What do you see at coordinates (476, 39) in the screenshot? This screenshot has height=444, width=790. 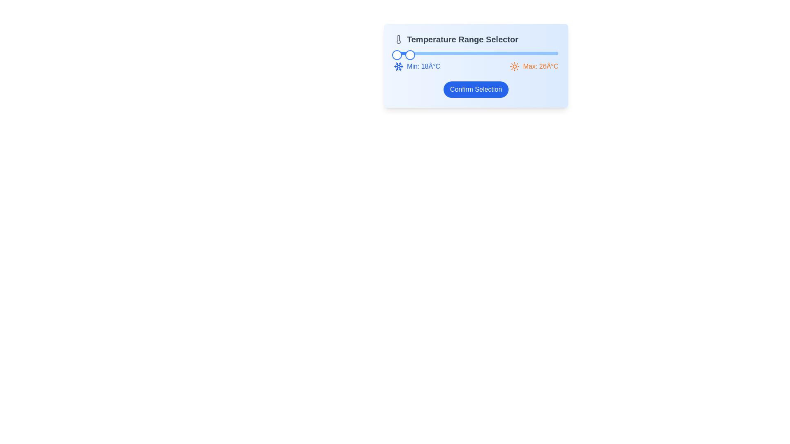 I see `the Text Label with Icon that serves as the title for the temperature range selector interface for accessibility navigation` at bounding box center [476, 39].